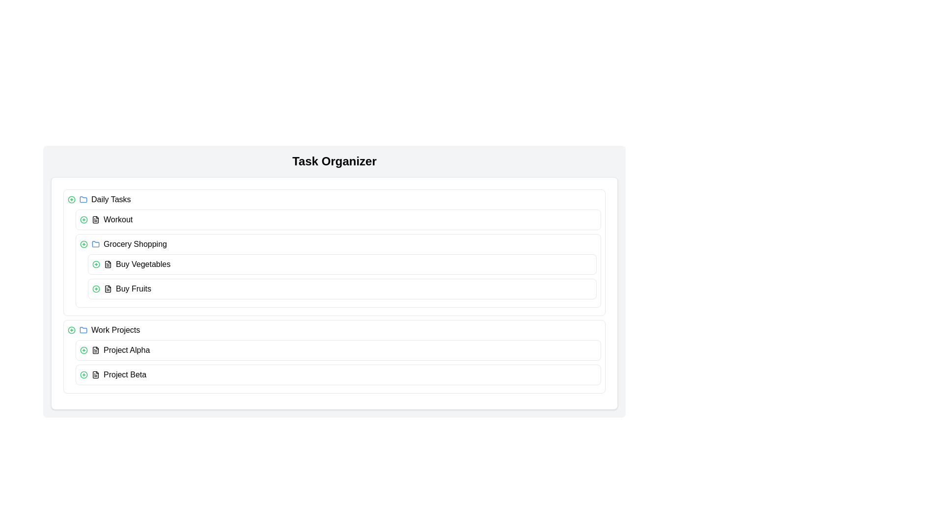 Image resolution: width=943 pixels, height=530 pixels. What do you see at coordinates (84, 243) in the screenshot?
I see `the circular icon base which features a plus symbol and is associated with the 'Grocery Shopping' category by clicking on it` at bounding box center [84, 243].